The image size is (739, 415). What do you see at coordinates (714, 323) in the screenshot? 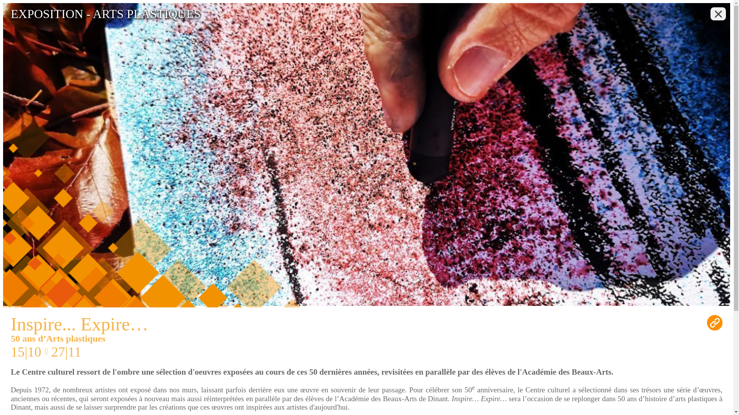
I see `'Cliquez pour copier le lien'` at bounding box center [714, 323].